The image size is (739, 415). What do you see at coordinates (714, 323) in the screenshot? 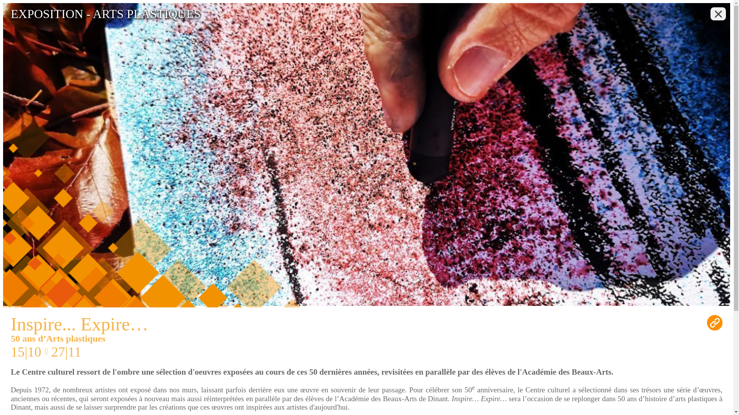
I see `'Cliquez pour copier le lien'` at bounding box center [714, 323].